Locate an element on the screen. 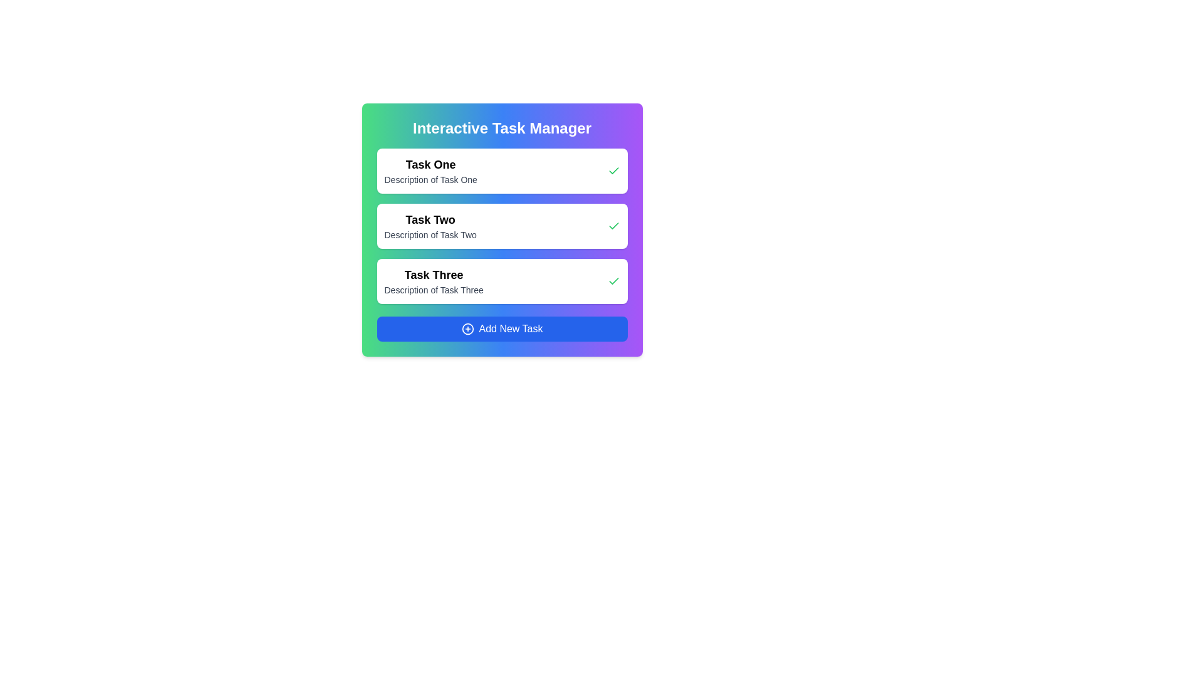  the checkmark on the third task card in the 'Interactive Task Manager' is located at coordinates (502, 280).